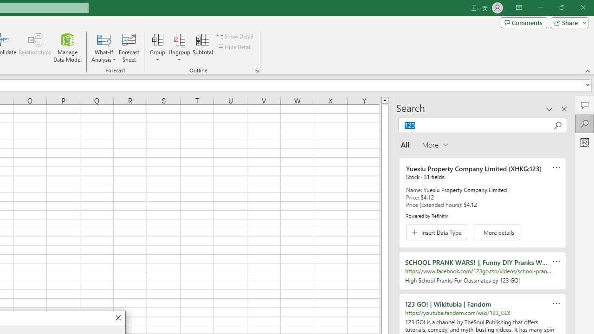  Describe the element at coordinates (202, 48) in the screenshot. I see `'Subtotal'` at that location.